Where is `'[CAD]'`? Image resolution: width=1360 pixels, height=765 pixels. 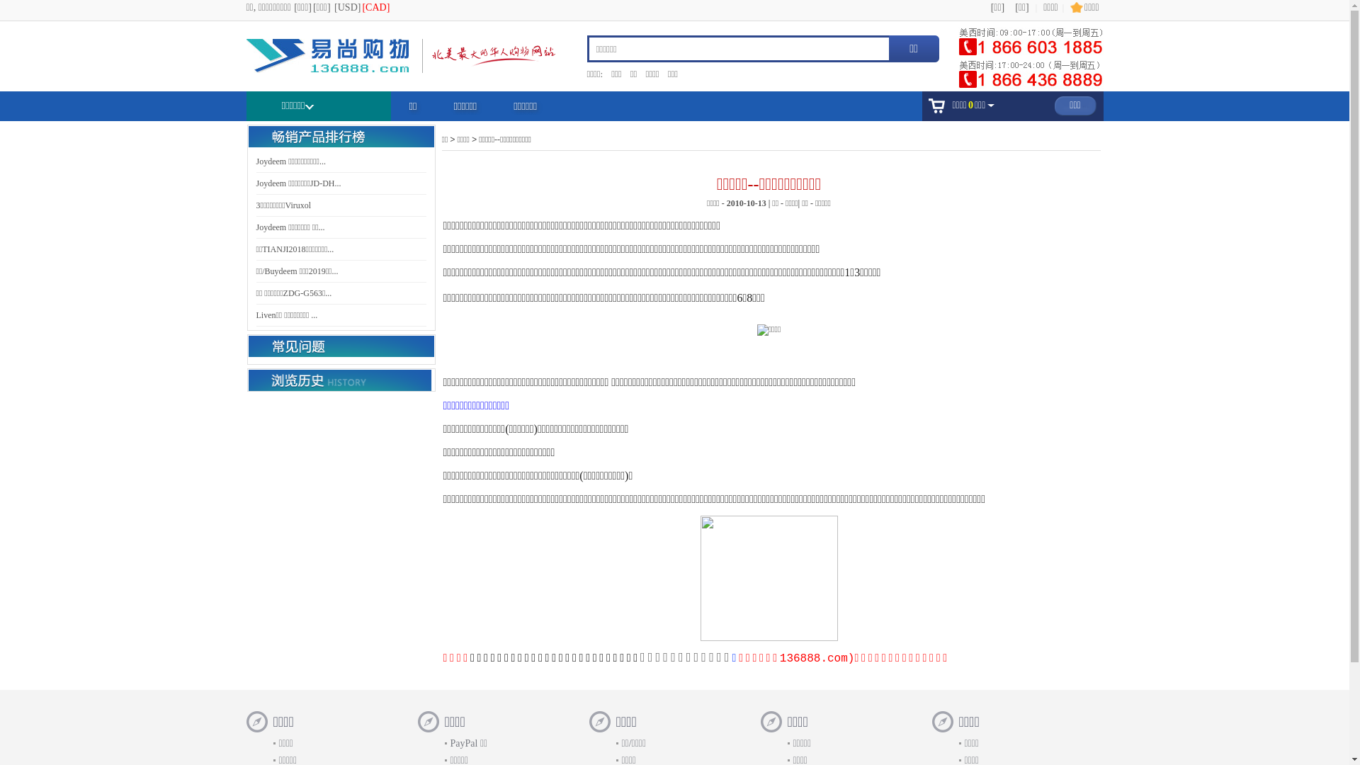 '[CAD]' is located at coordinates (375, 7).